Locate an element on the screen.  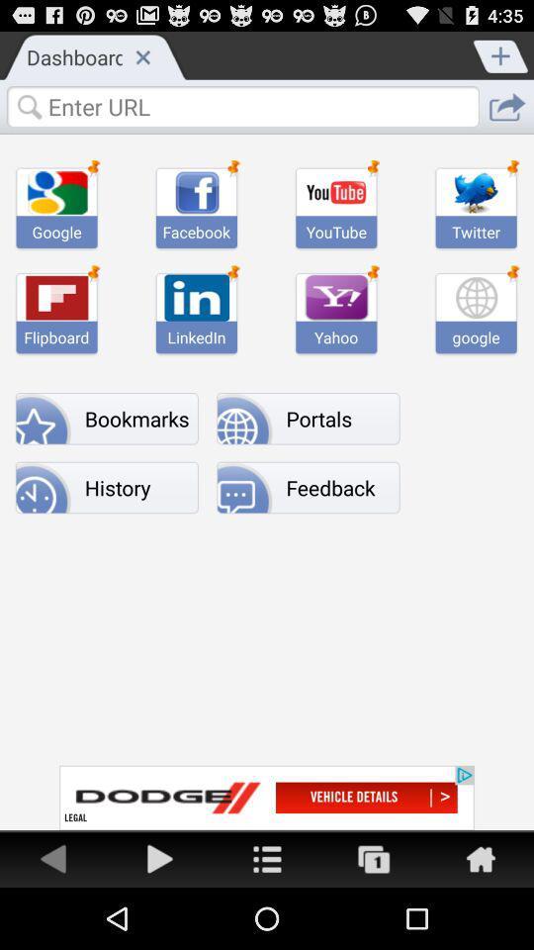
the home icon is located at coordinates (480, 918).